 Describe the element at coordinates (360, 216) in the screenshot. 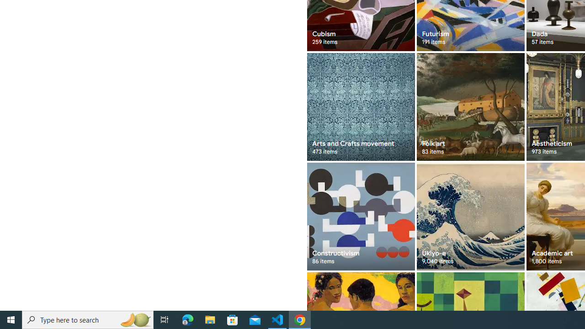

I see `'Constructivism 86 items'` at that location.